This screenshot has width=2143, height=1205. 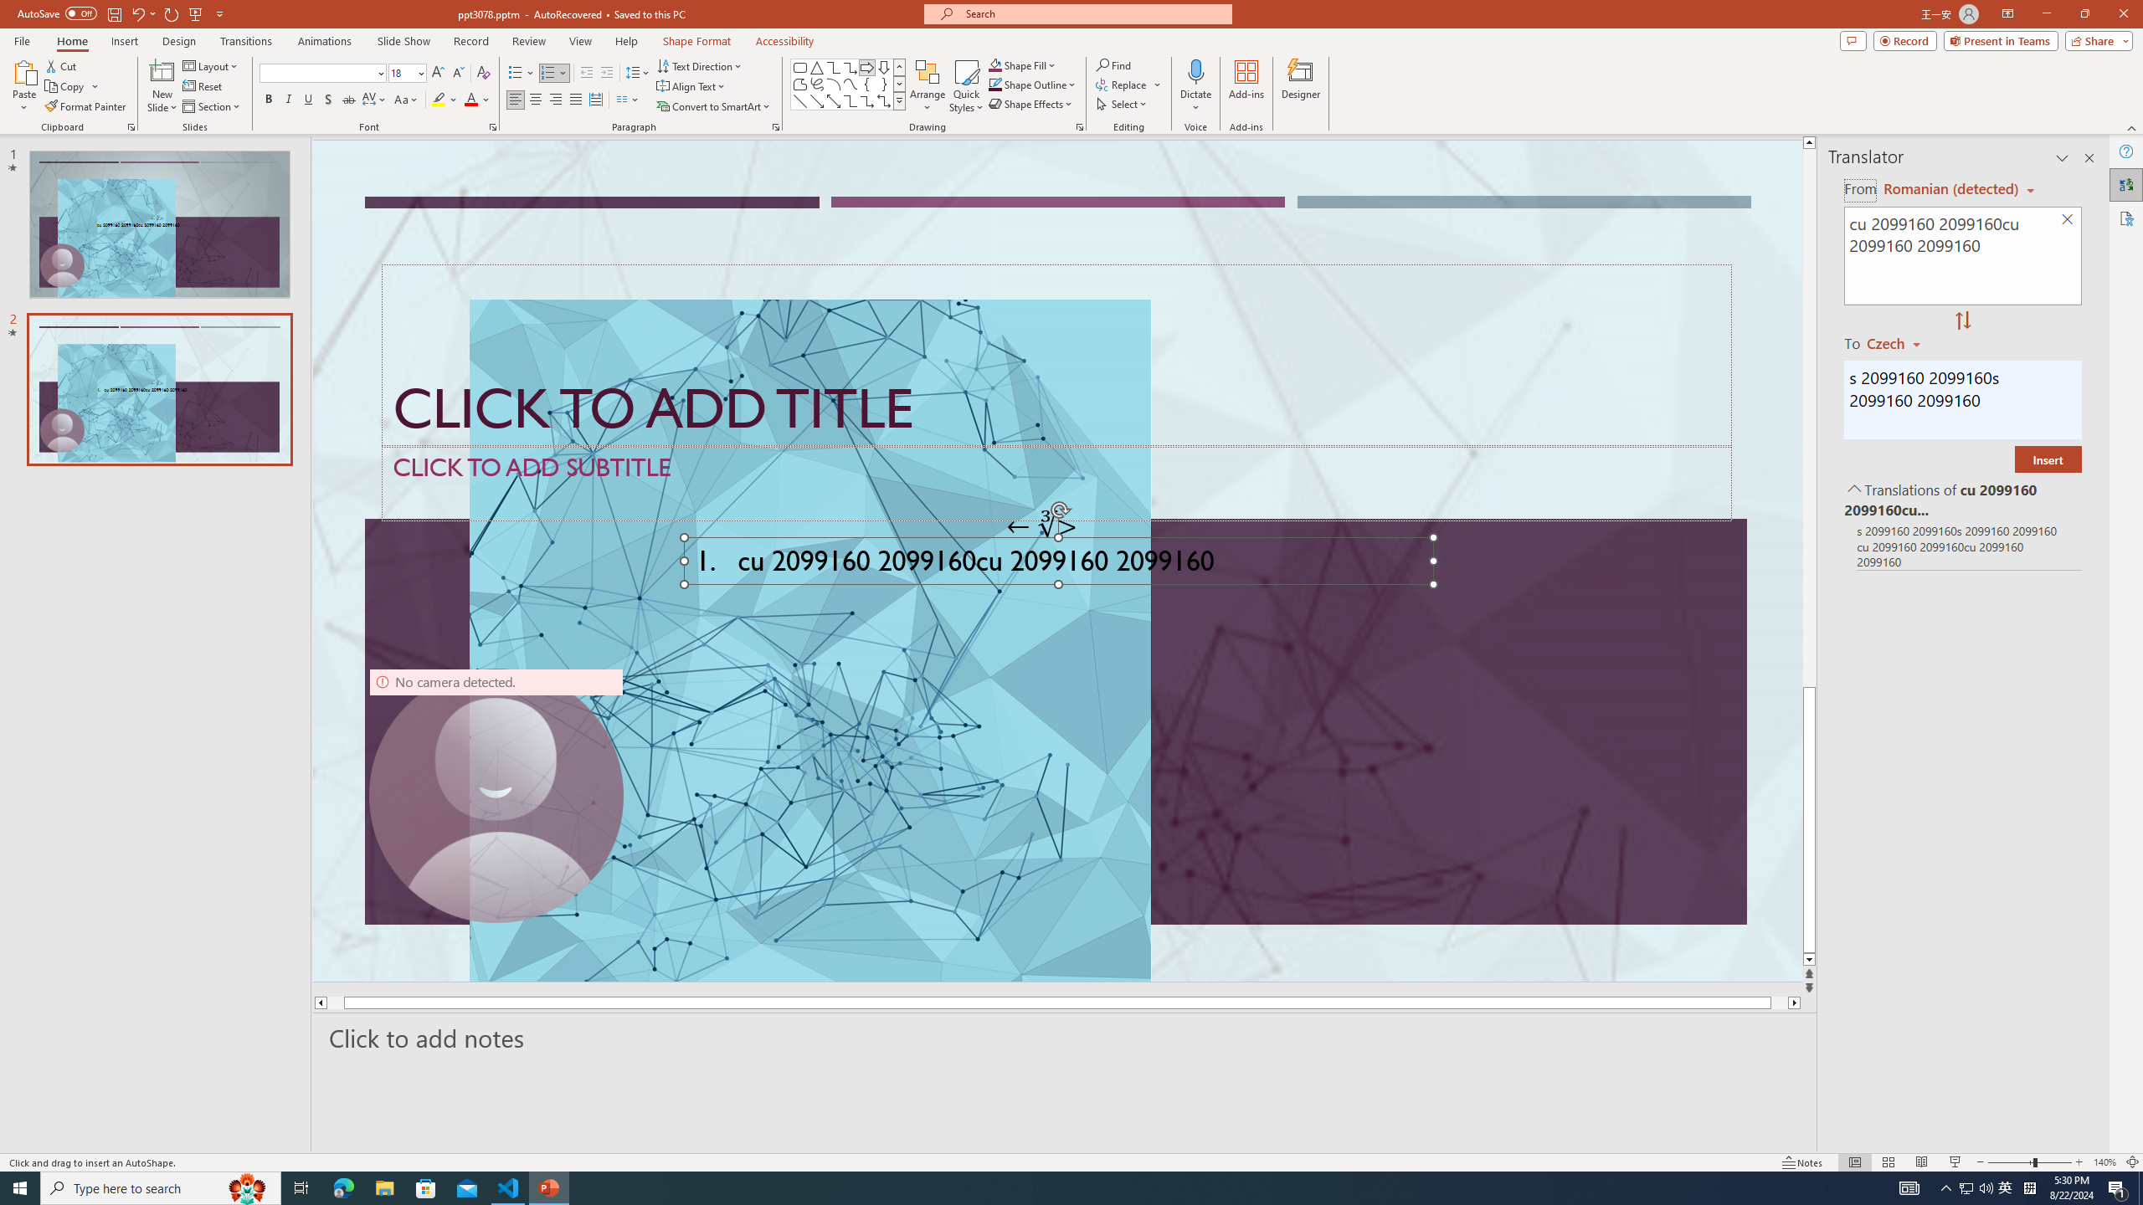 I want to click on 'Camera 9, No camera detected.', so click(x=495, y=795).